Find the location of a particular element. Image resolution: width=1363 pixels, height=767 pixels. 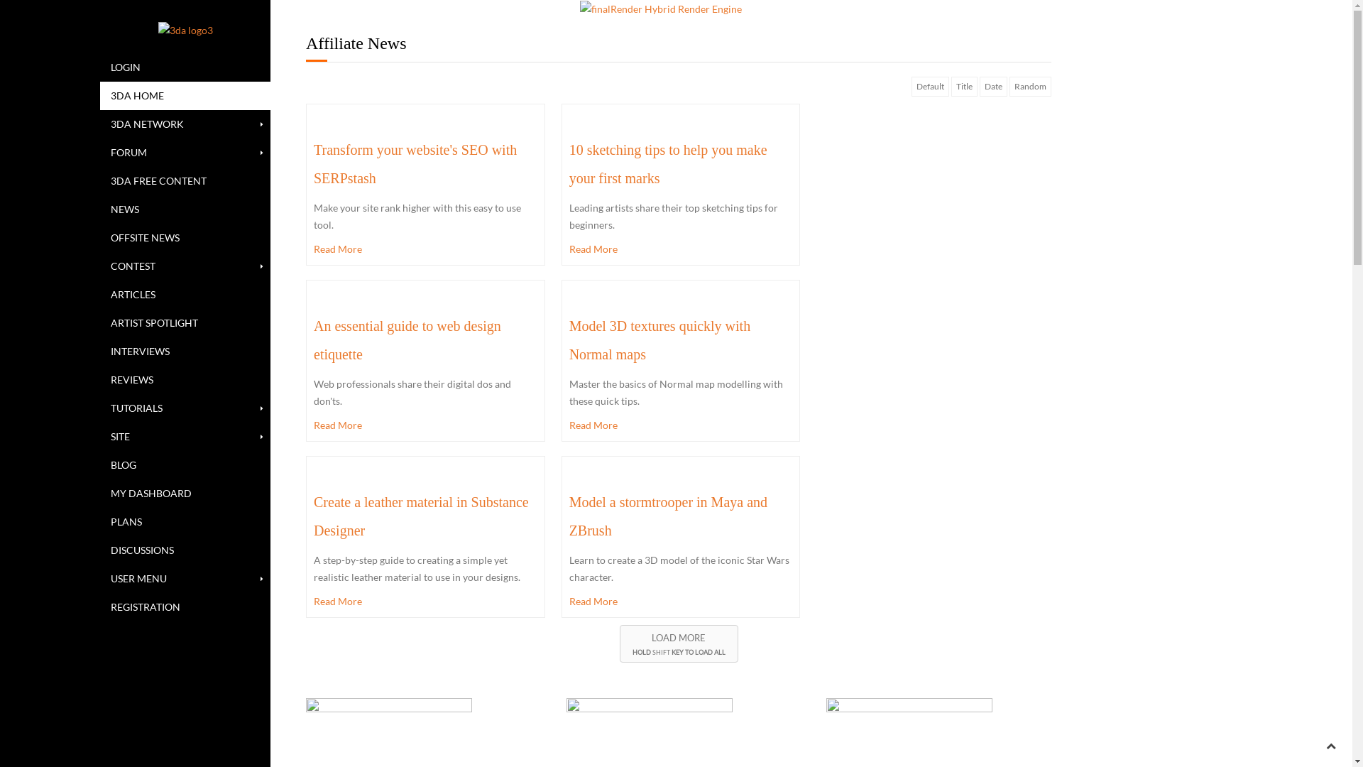

'DISCUSSIONS' is located at coordinates (99, 550).